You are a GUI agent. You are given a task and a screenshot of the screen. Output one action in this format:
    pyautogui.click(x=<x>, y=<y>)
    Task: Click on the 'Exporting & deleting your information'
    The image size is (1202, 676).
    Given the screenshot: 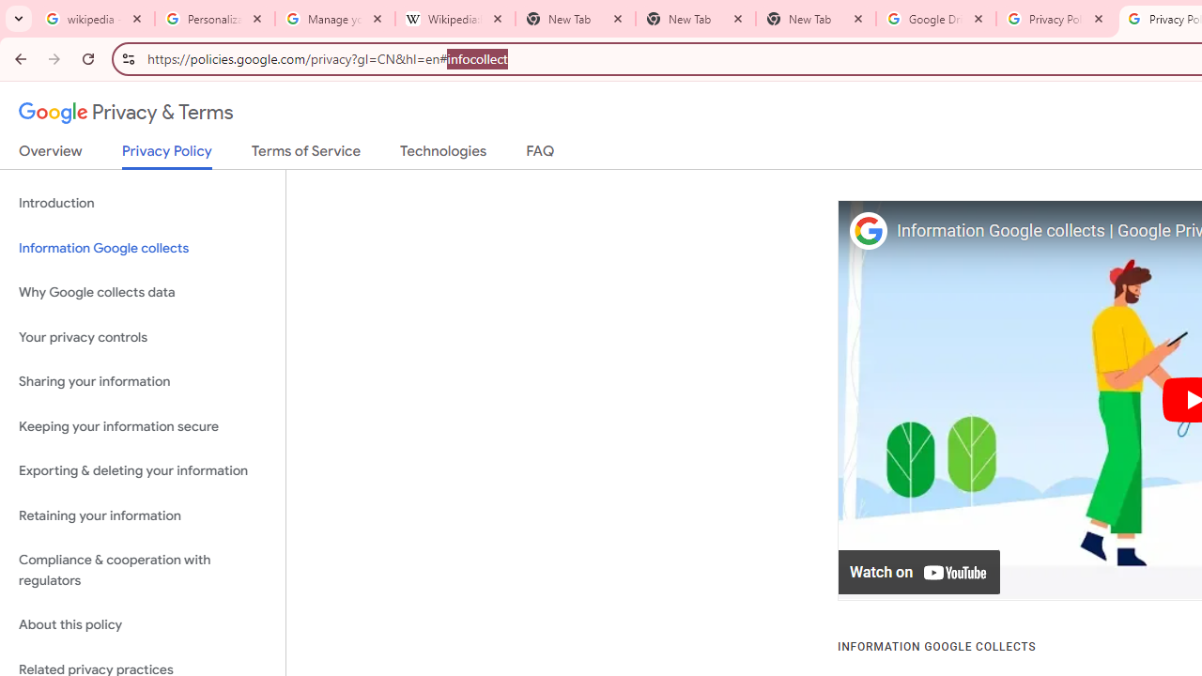 What is the action you would take?
    pyautogui.click(x=142, y=470)
    